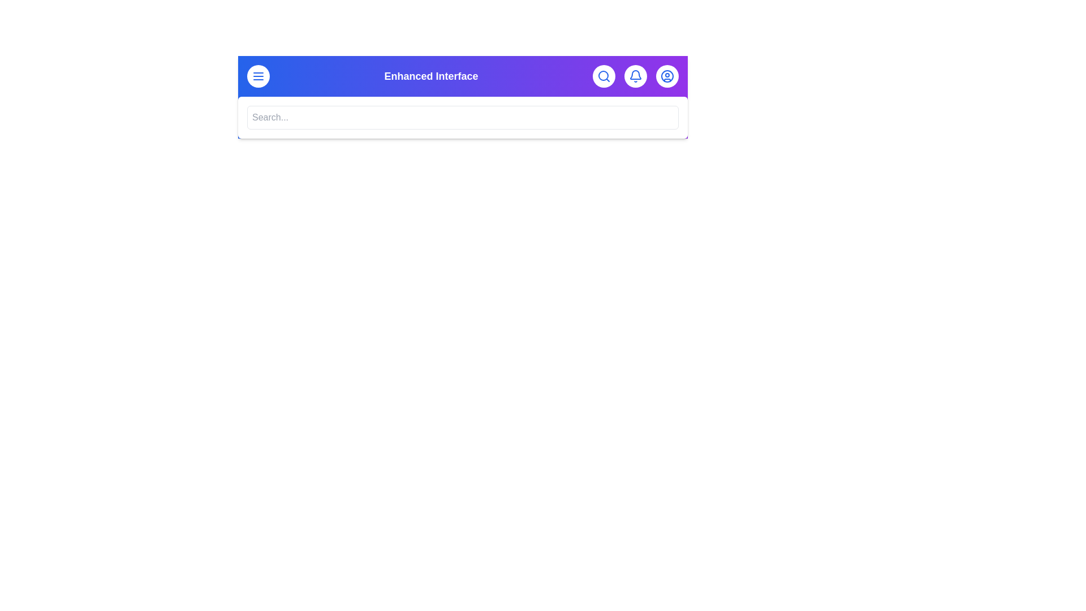 The height and width of the screenshot is (611, 1086). I want to click on the user icon to access the user profile, so click(667, 76).